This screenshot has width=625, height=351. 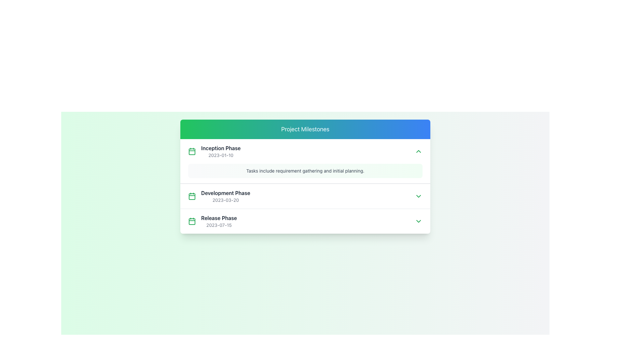 What do you see at coordinates (305, 221) in the screenshot?
I see `the non-interactive milestone phase element, the third item in the milestone list under 'Development Phase'` at bounding box center [305, 221].